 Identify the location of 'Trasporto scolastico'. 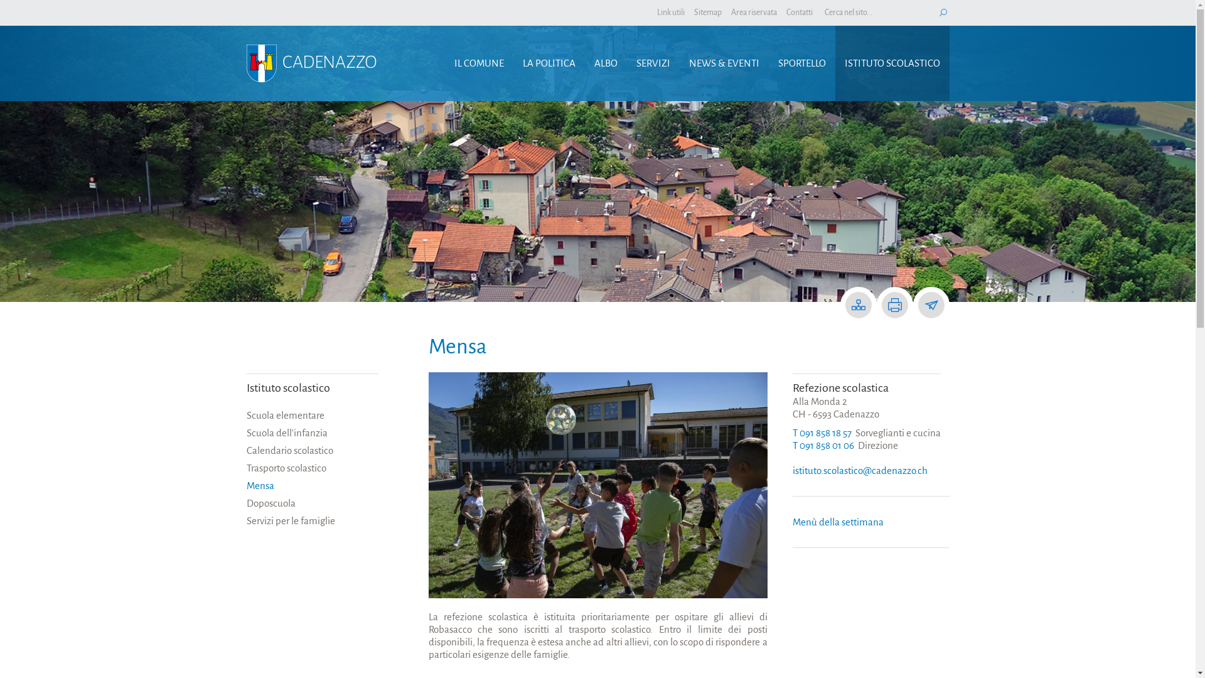
(312, 468).